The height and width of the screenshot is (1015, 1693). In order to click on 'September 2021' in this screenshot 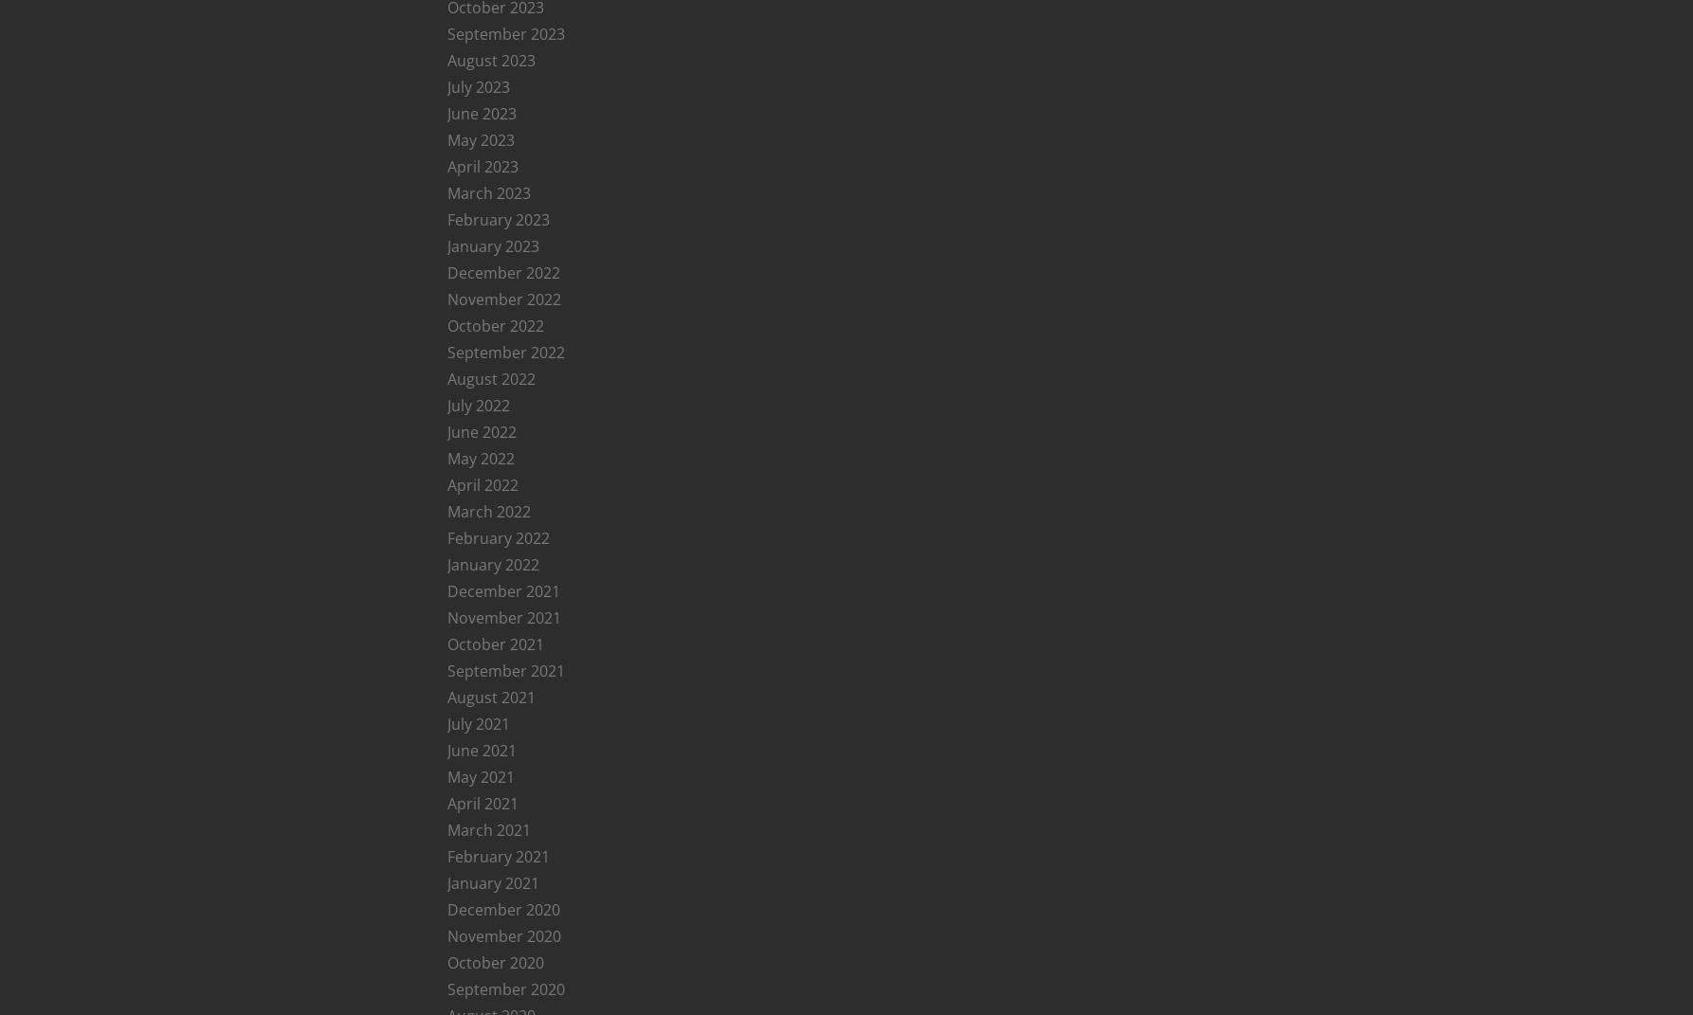, I will do `click(503, 671)`.